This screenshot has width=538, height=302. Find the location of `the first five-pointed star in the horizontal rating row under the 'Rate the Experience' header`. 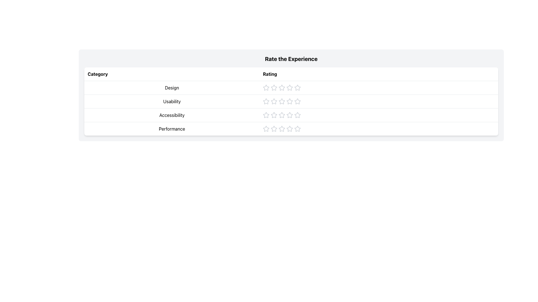

the first five-pointed star in the horizontal rating row under the 'Rate the Experience' header is located at coordinates (274, 88).